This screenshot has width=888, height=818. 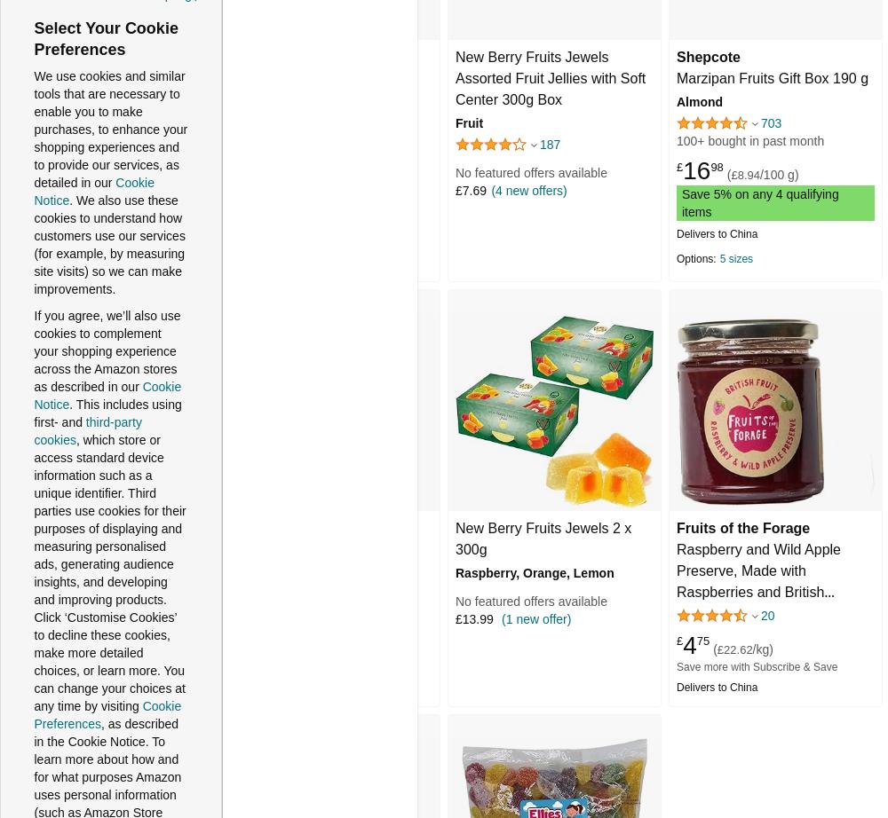 What do you see at coordinates (689, 643) in the screenshot?
I see `'4'` at bounding box center [689, 643].